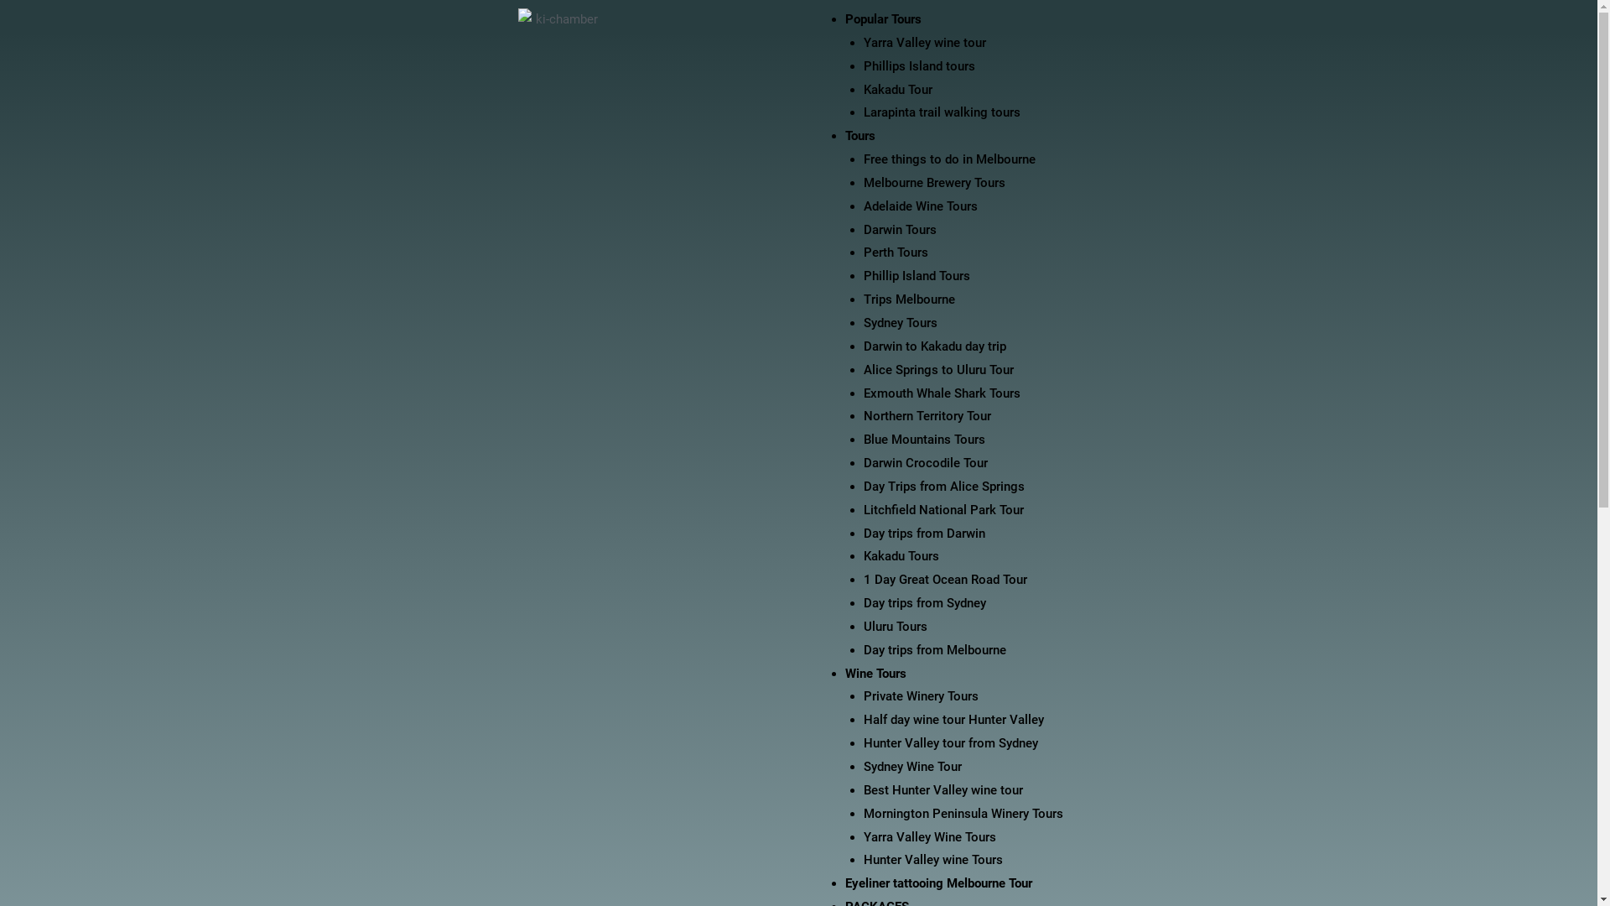 The height and width of the screenshot is (906, 1610). I want to click on 'Hunter Valley tour from Sydney', so click(950, 742).